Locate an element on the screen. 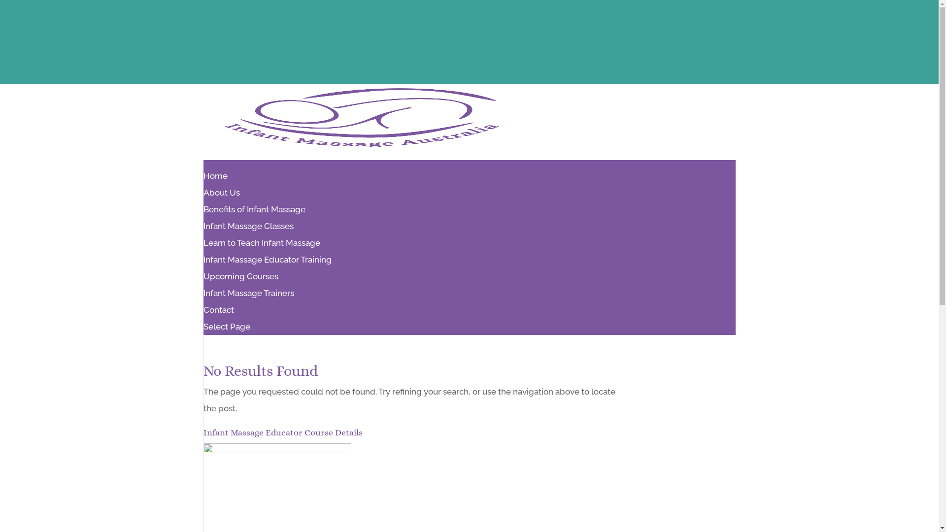 The width and height of the screenshot is (946, 532). 'Infant Massage Classes' is located at coordinates (248, 231).